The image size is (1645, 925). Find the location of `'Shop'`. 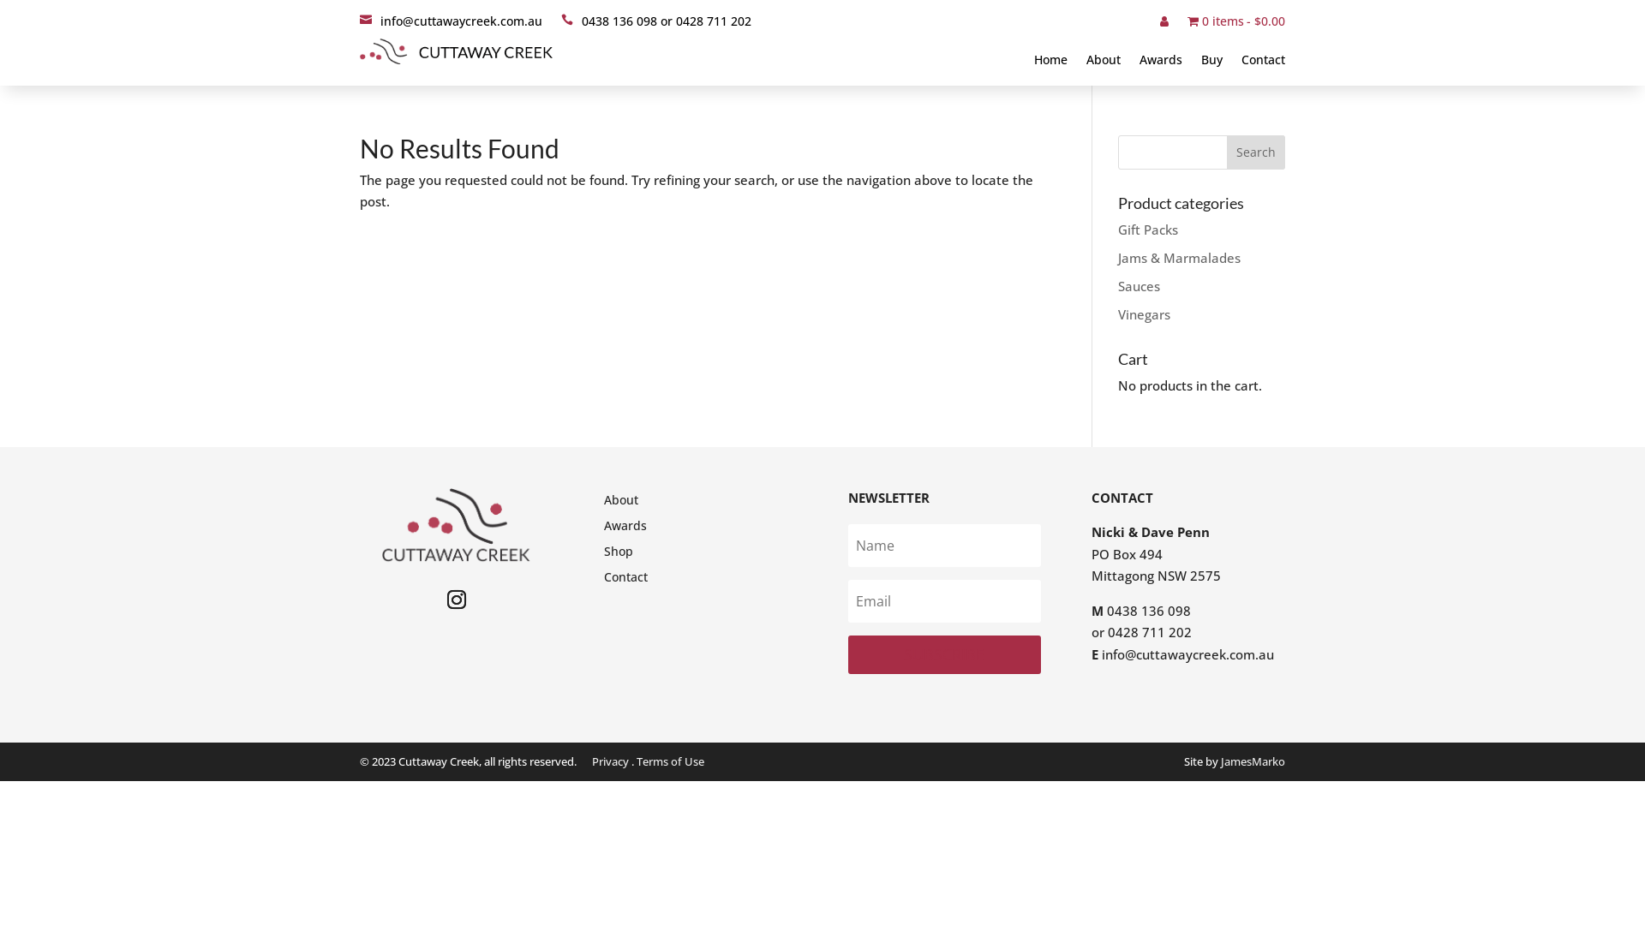

'Shop' is located at coordinates (617, 555).